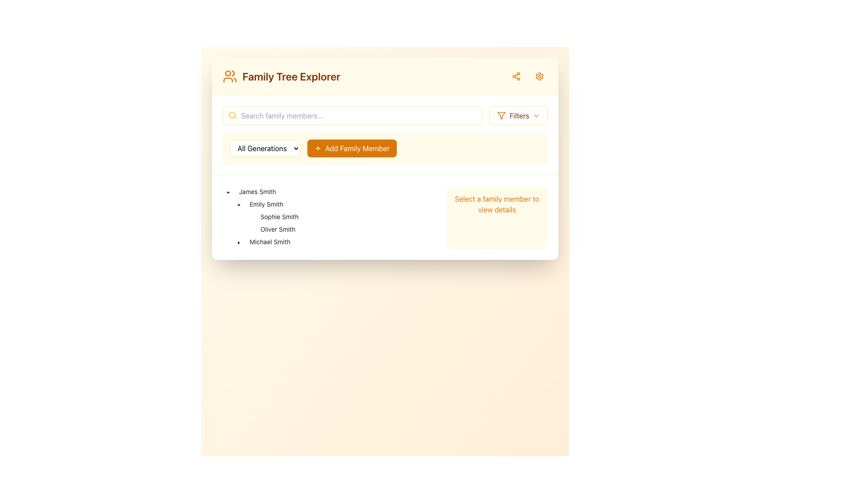 The width and height of the screenshot is (859, 483). Describe the element at coordinates (501, 115) in the screenshot. I see `the funnel icon used for filters, which is located in the top-right section of the main content area of the UI` at that location.